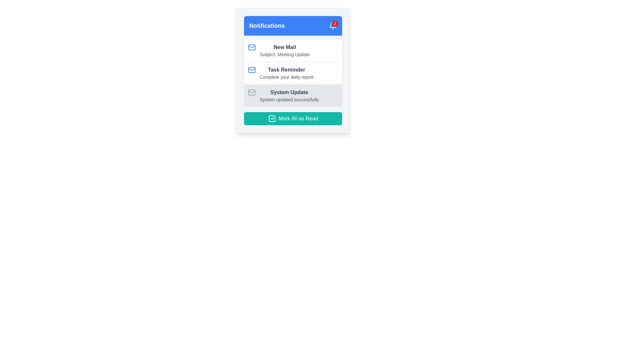 The width and height of the screenshot is (628, 353). I want to click on supplementary information text about the 'System Update' notification, which is positioned below the 'System Update' text and aligned left within the notification list, so click(289, 99).